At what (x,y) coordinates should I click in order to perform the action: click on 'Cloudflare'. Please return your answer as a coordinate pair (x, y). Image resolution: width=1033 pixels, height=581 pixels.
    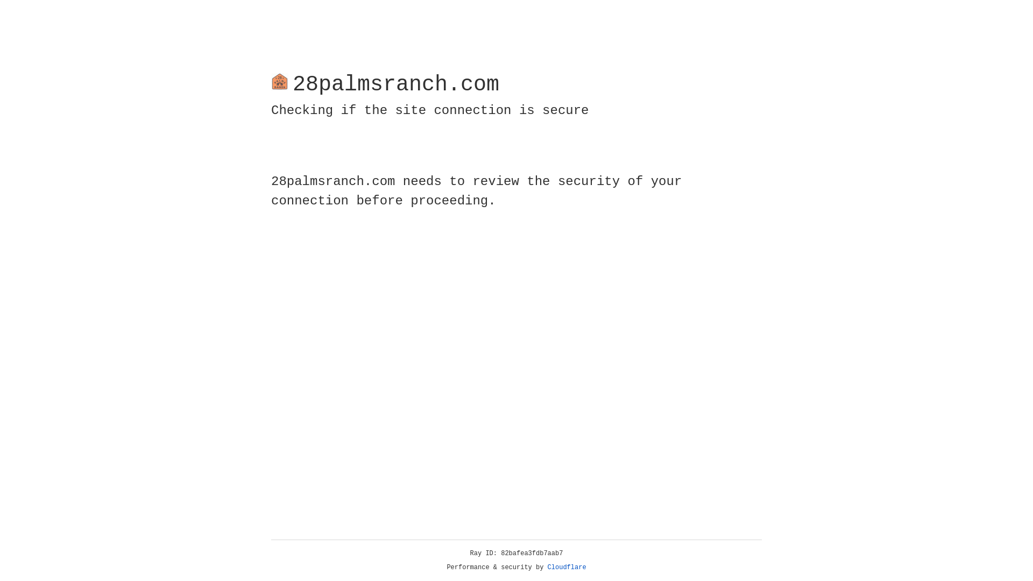
    Looking at the image, I should click on (547, 567).